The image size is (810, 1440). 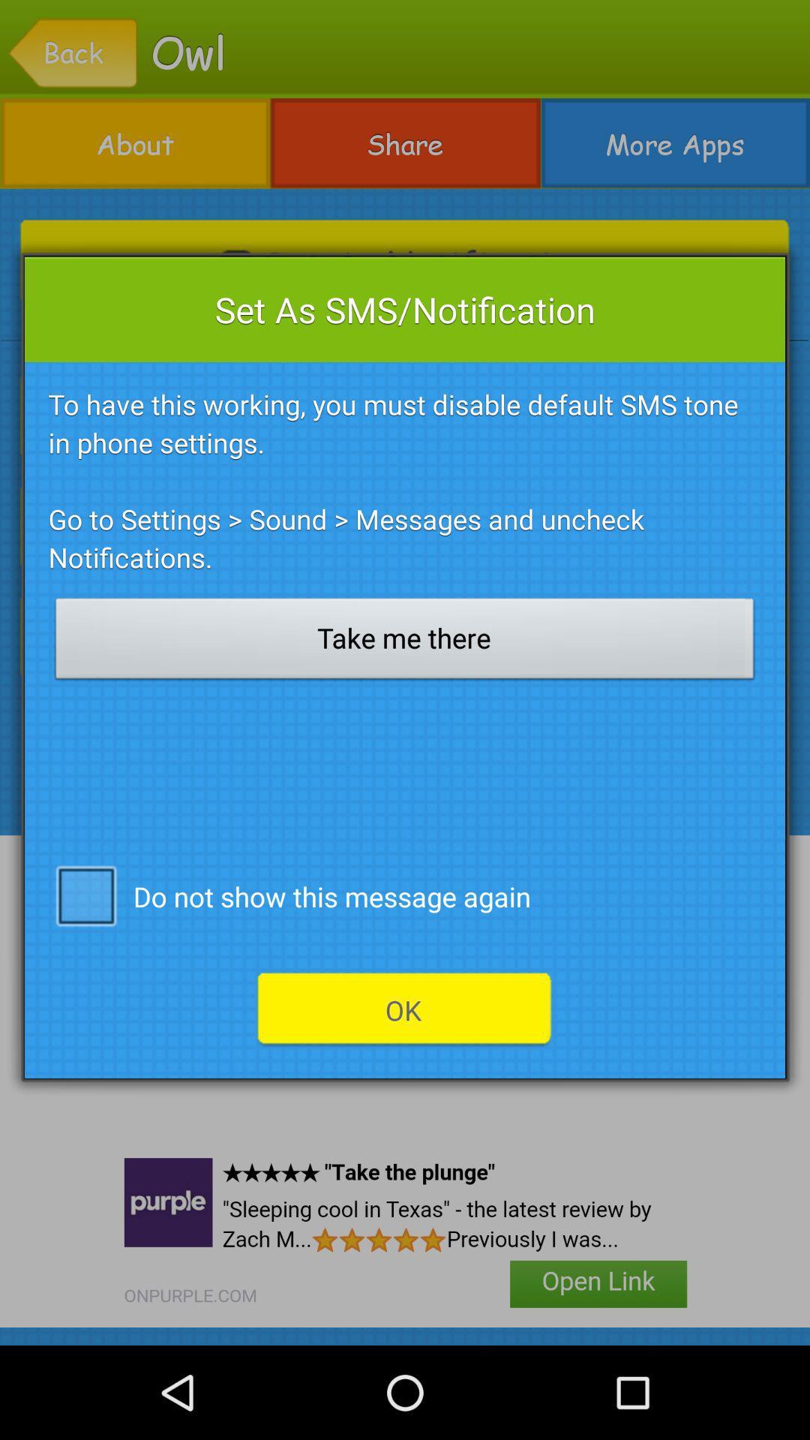 I want to click on the take me there item, so click(x=405, y=643).